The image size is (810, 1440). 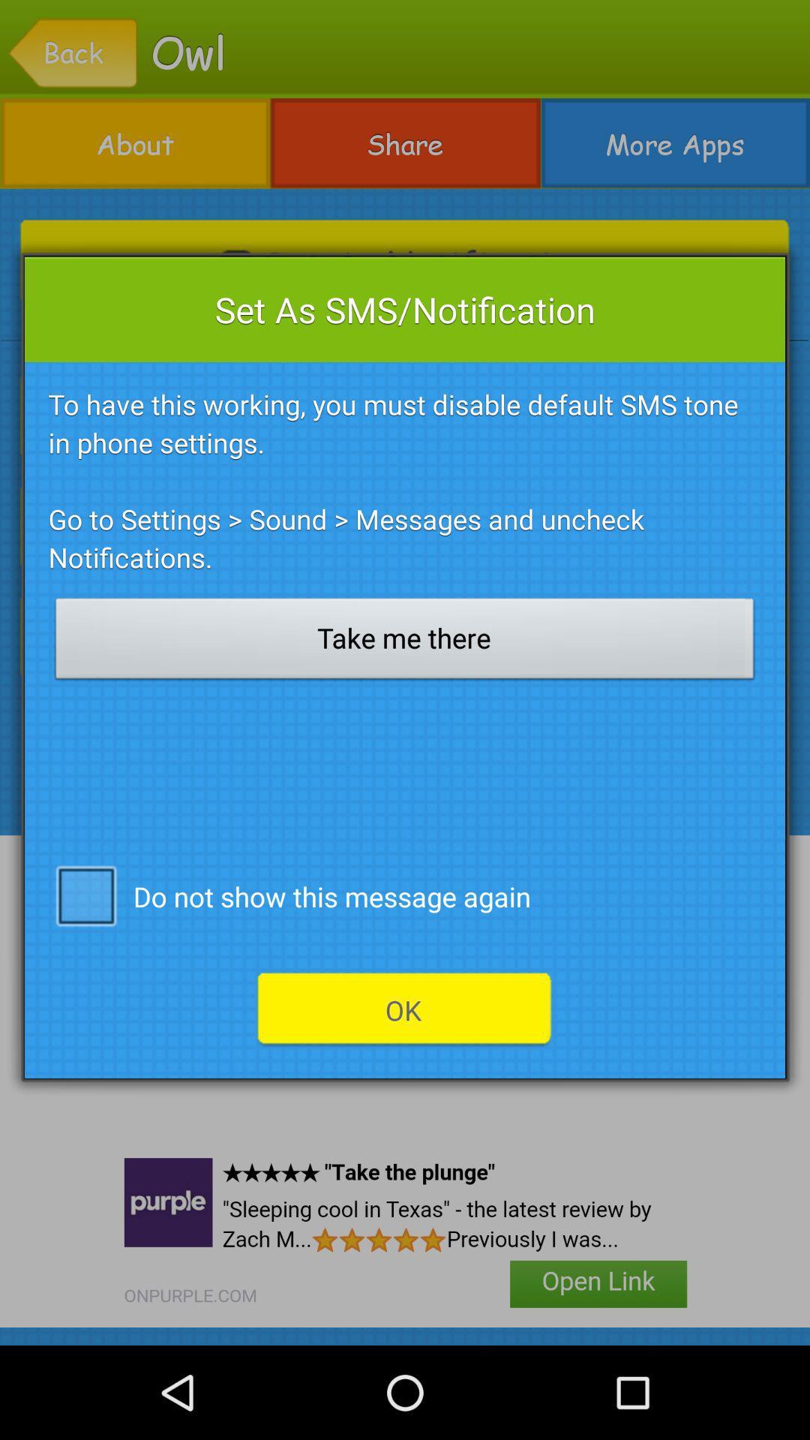 I want to click on the take me there item, so click(x=405, y=643).